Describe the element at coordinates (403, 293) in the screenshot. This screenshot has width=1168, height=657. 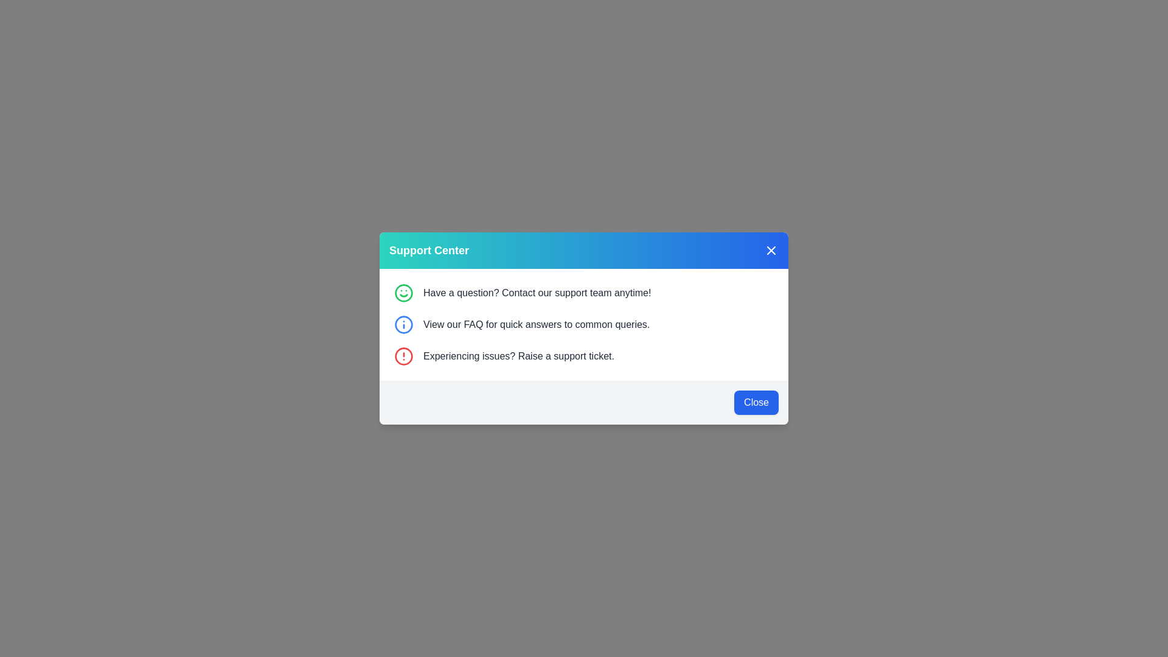
I see `the circular graphic element located in the center of the green smiley emoji icon, which is the leading icon of the first option in the 'Support Center' modal dialog` at that location.